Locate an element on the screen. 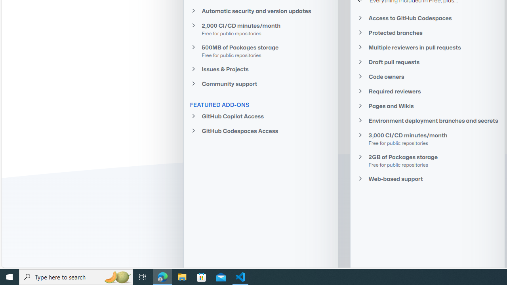  '2GB of Packages storage Free for public repositories' is located at coordinates (427, 160).